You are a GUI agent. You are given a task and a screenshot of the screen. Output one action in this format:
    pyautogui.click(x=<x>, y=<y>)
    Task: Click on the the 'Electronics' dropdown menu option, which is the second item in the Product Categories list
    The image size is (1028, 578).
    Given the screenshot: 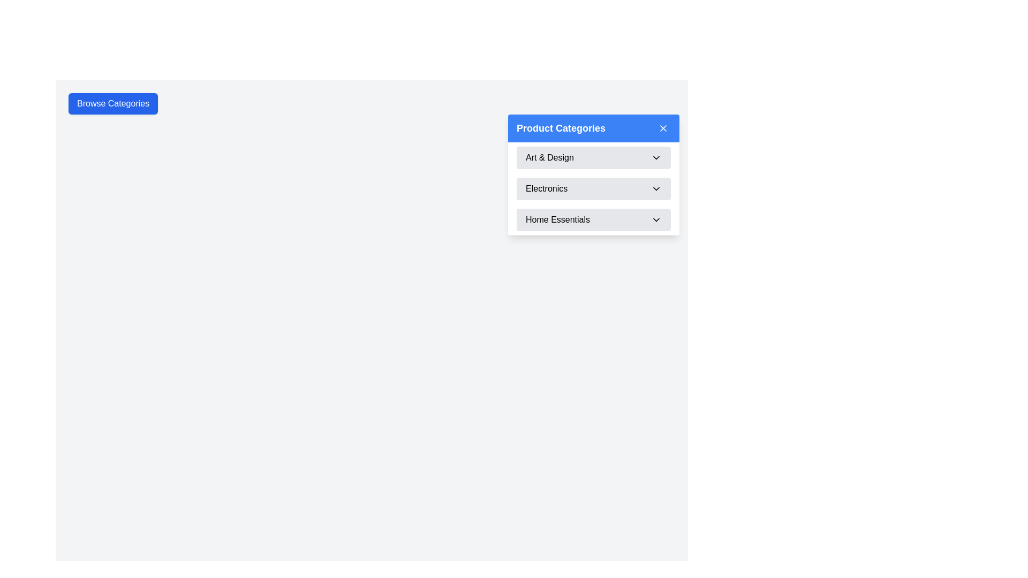 What is the action you would take?
    pyautogui.click(x=593, y=188)
    